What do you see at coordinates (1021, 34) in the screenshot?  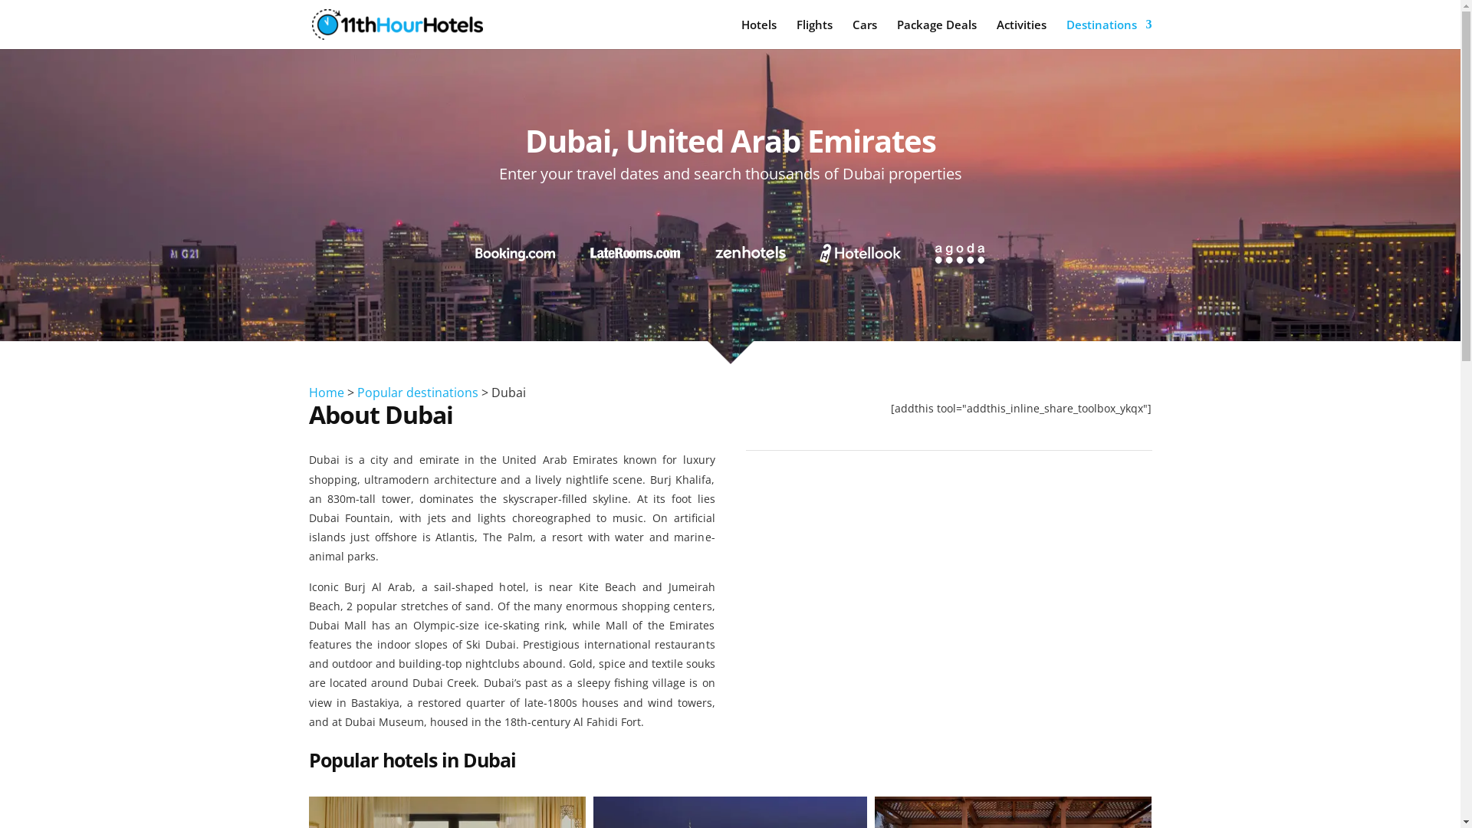 I see `'Activities'` at bounding box center [1021, 34].